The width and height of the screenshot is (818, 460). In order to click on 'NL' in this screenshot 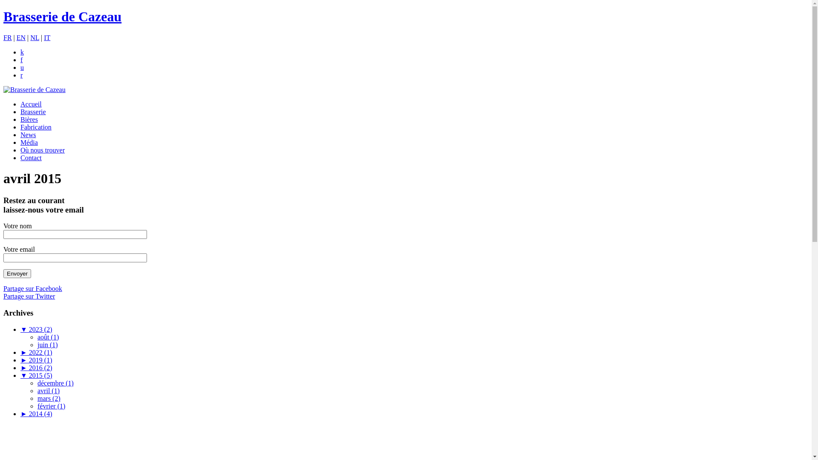, I will do `click(34, 37)`.